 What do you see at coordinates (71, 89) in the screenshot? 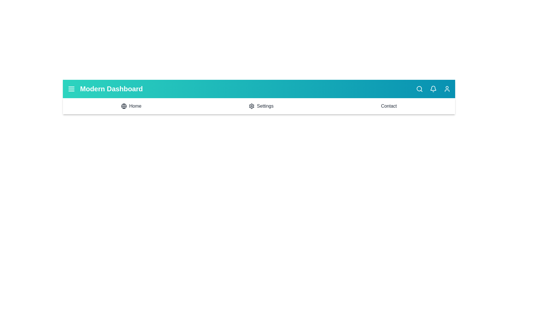
I see `the menu icon to toggle the main menu` at bounding box center [71, 89].